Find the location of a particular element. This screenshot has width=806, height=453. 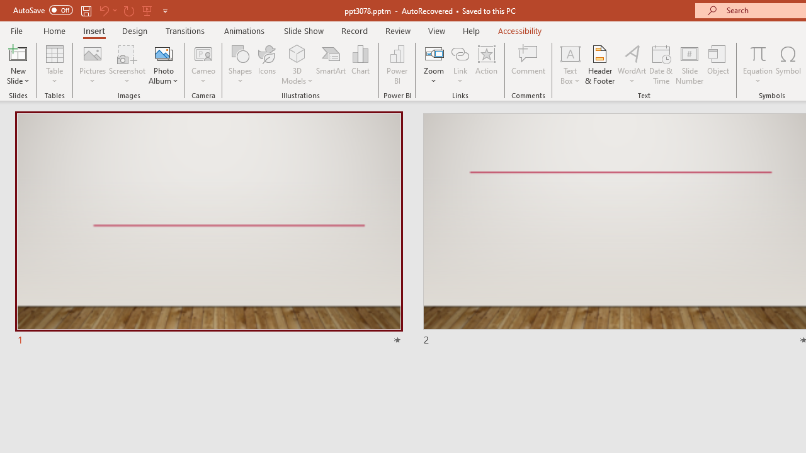

'3D Models' is located at coordinates (297, 65).